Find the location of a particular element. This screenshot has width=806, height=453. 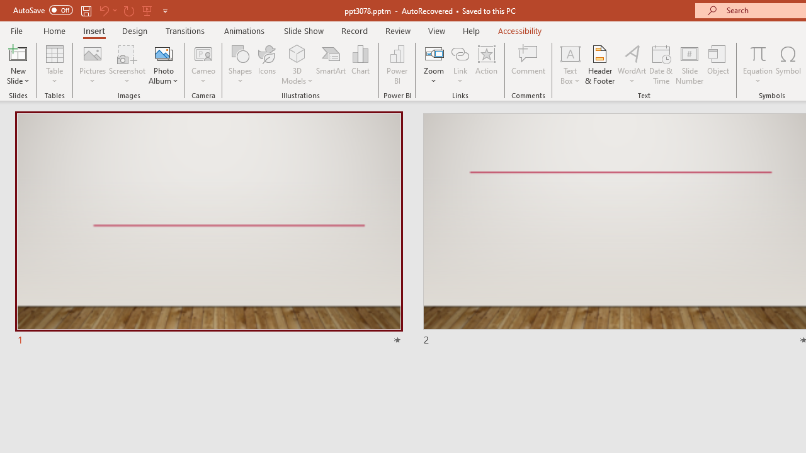

'3D Models' is located at coordinates (297, 65).